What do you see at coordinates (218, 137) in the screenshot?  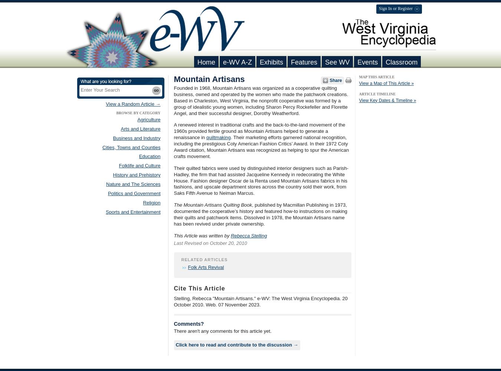 I see `'quiltmaking'` at bounding box center [218, 137].